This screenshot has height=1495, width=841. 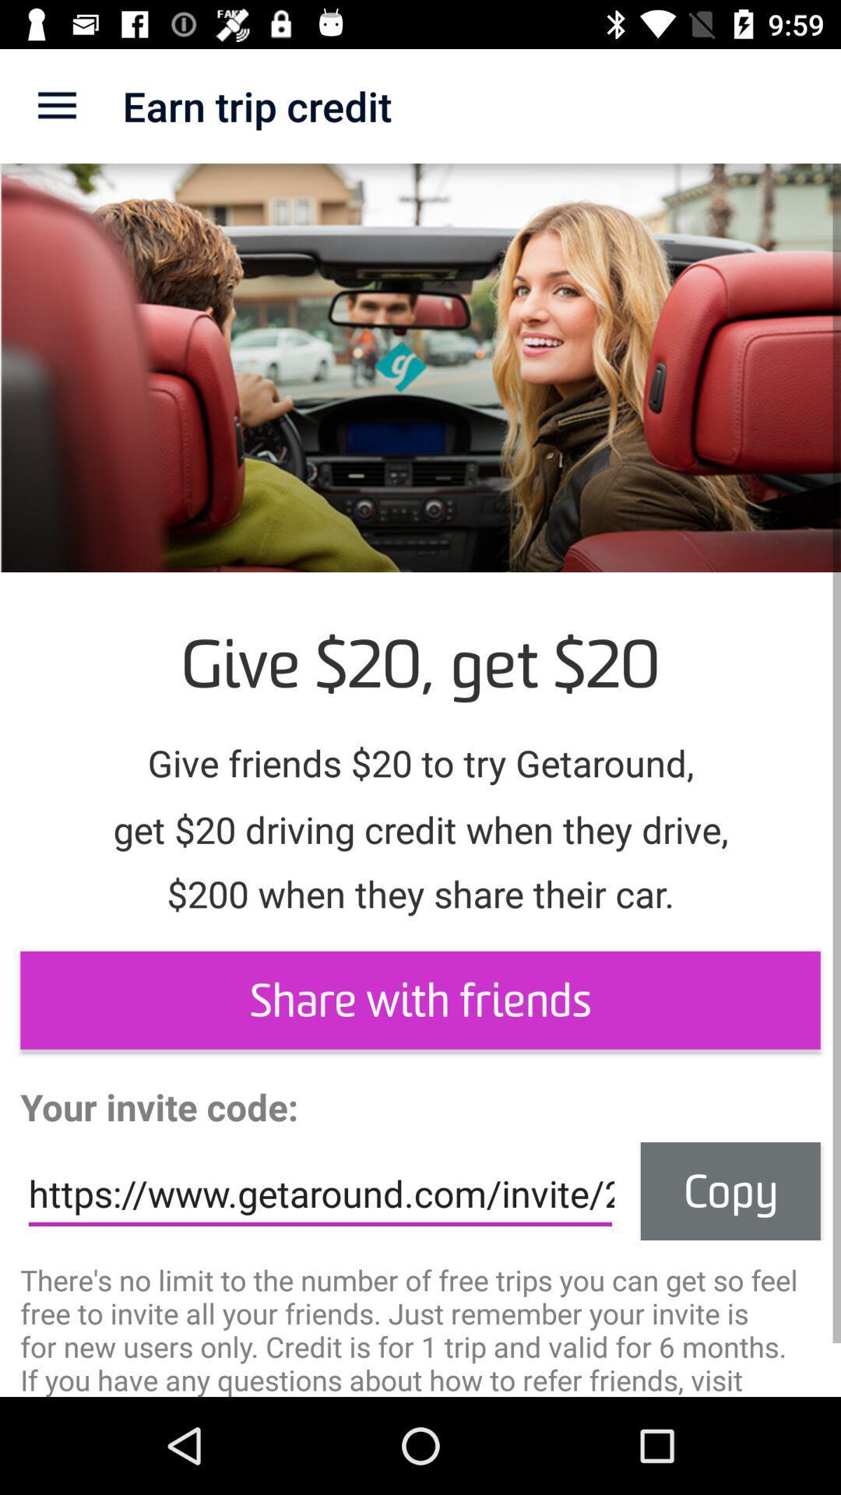 What do you see at coordinates (730, 1191) in the screenshot?
I see `item next to the https www getaround item` at bounding box center [730, 1191].